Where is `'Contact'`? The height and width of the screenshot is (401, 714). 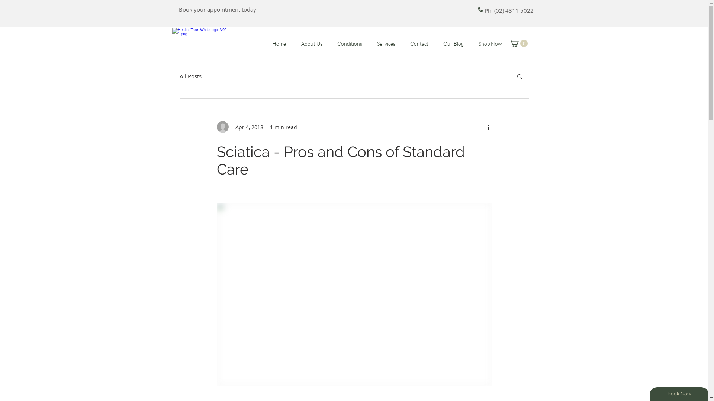
'Contact' is located at coordinates (419, 43).